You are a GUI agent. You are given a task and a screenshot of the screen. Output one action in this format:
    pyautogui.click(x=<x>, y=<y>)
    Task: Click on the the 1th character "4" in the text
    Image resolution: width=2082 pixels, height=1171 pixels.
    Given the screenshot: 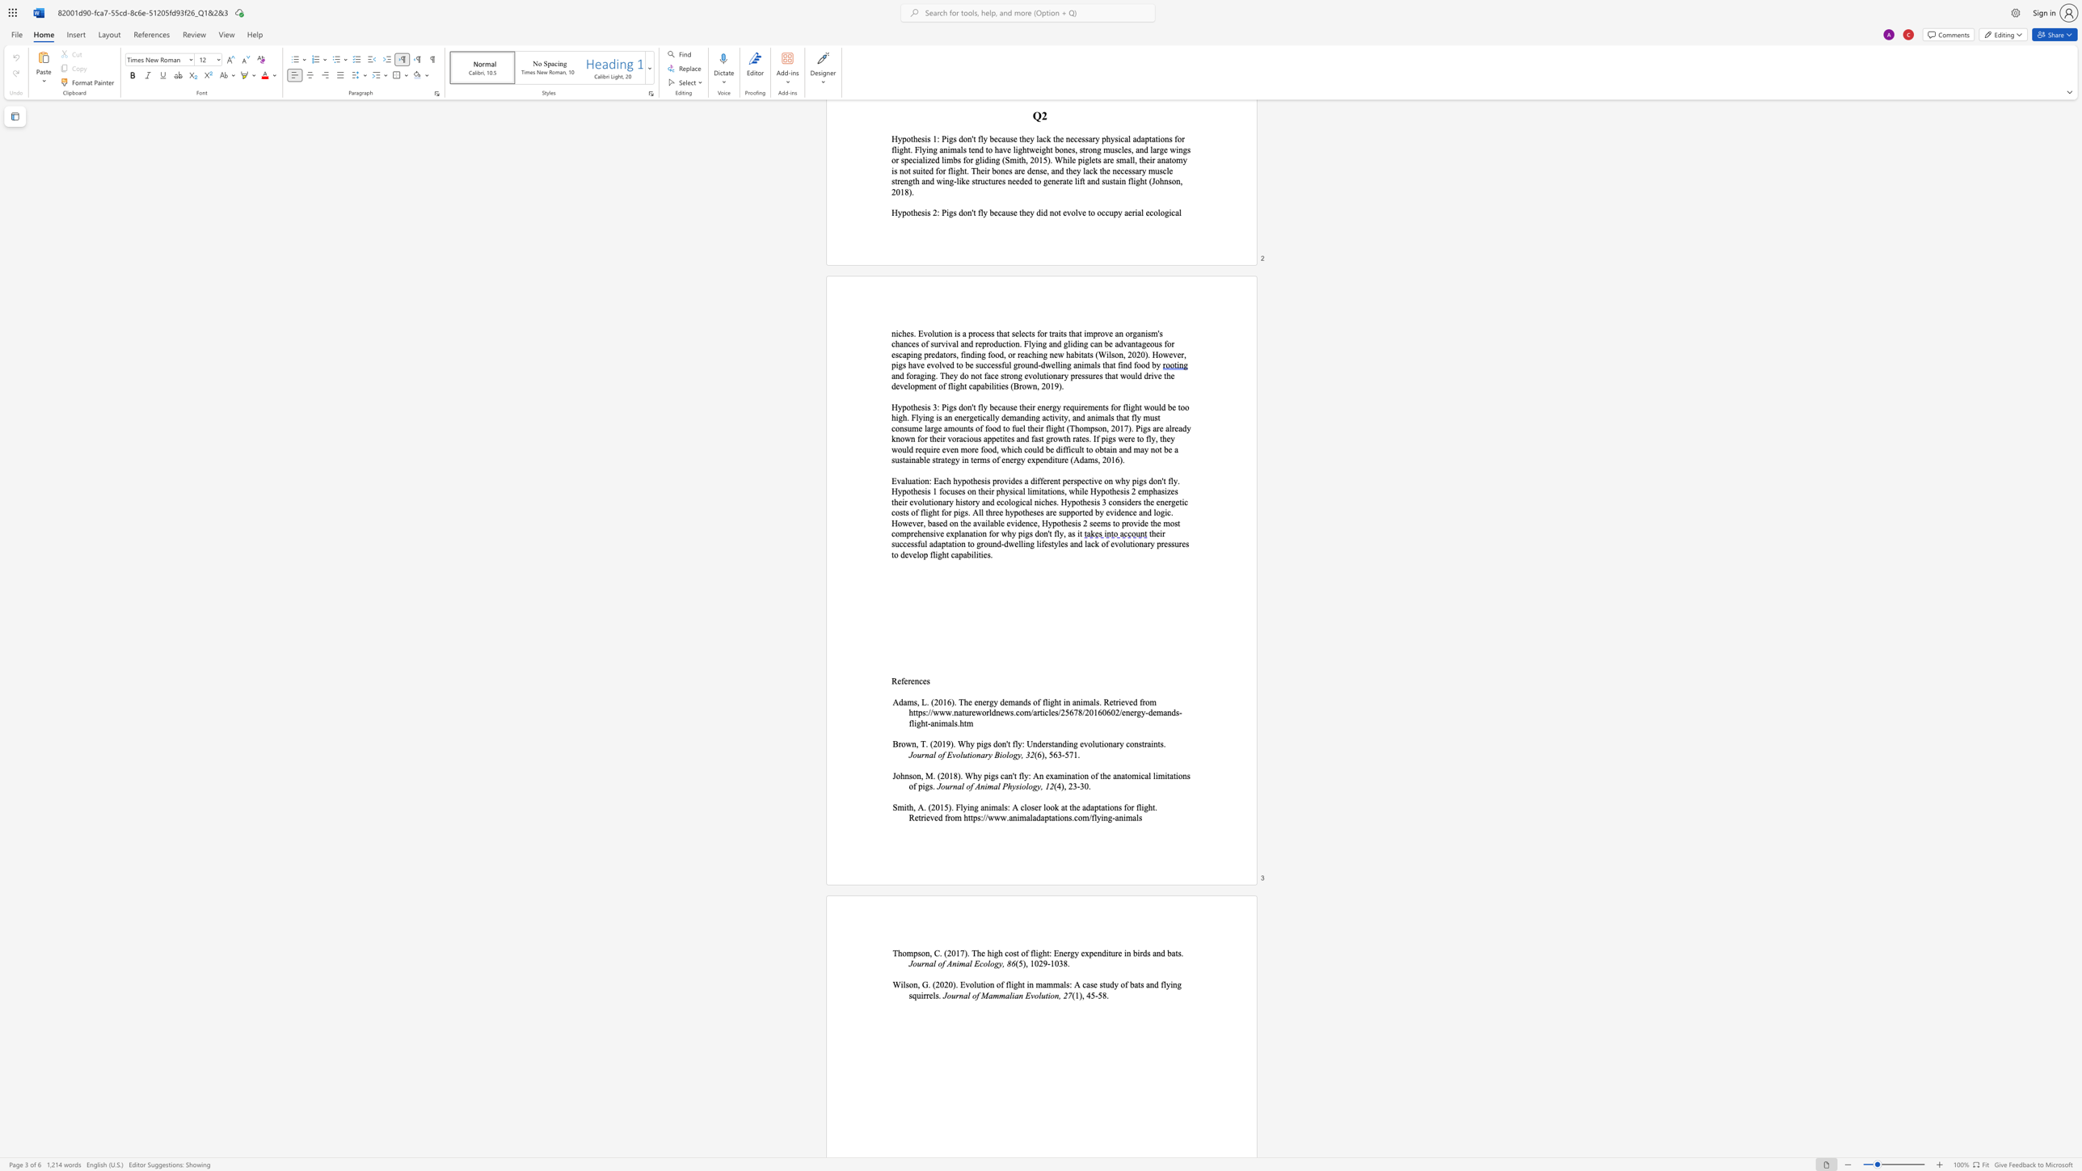 What is the action you would take?
    pyautogui.click(x=1087, y=995)
    